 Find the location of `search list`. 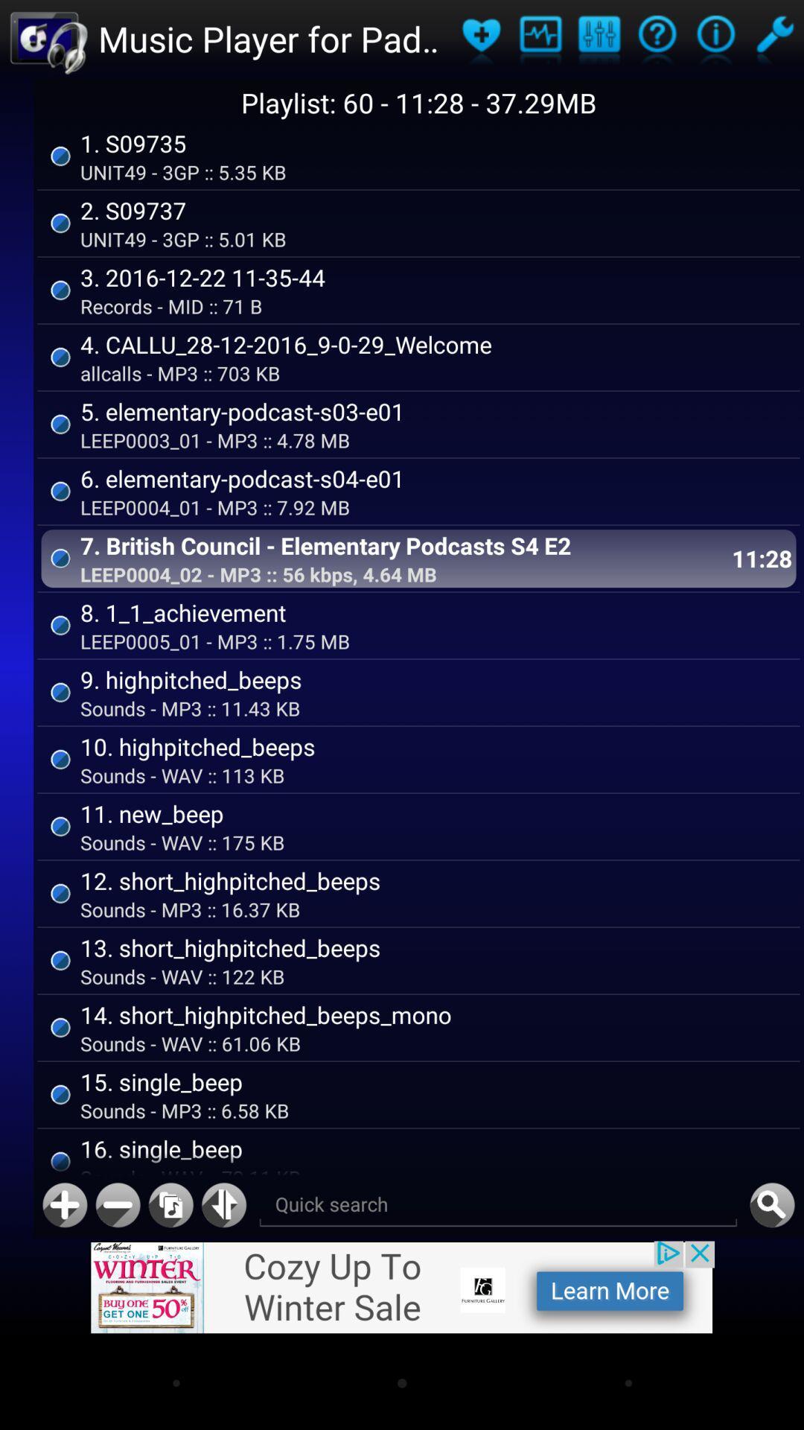

search list is located at coordinates (498, 1205).